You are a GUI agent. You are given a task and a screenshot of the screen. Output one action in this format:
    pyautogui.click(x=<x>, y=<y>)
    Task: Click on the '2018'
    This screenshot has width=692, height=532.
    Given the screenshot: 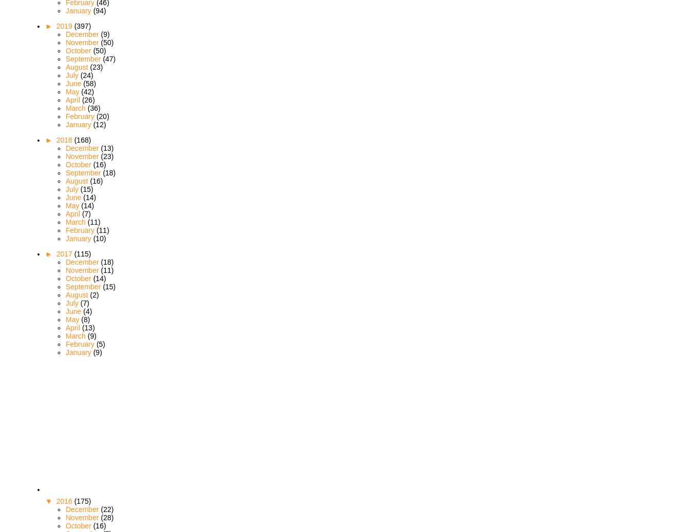 What is the action you would take?
    pyautogui.click(x=64, y=139)
    